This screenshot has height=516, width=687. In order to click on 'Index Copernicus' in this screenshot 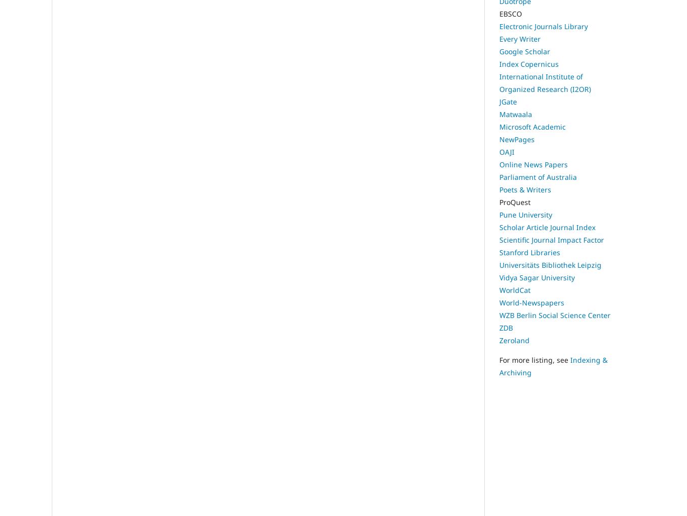, I will do `click(499, 64)`.